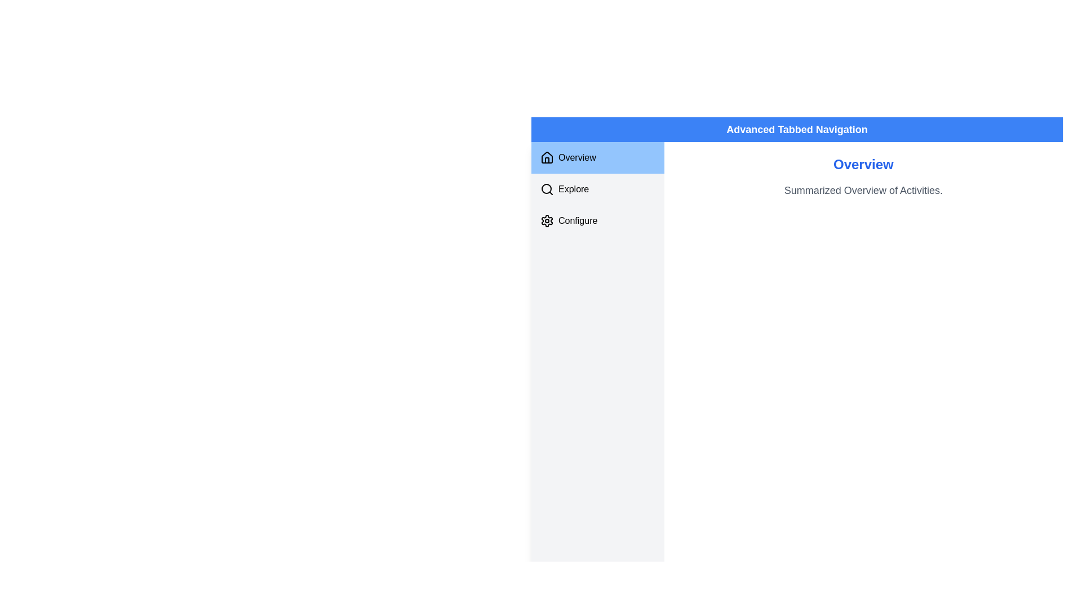  What do you see at coordinates (547, 157) in the screenshot?
I see `the 'Overview' icon in the left navigation menu, which serves as a graphical representation of the Overview section` at bounding box center [547, 157].